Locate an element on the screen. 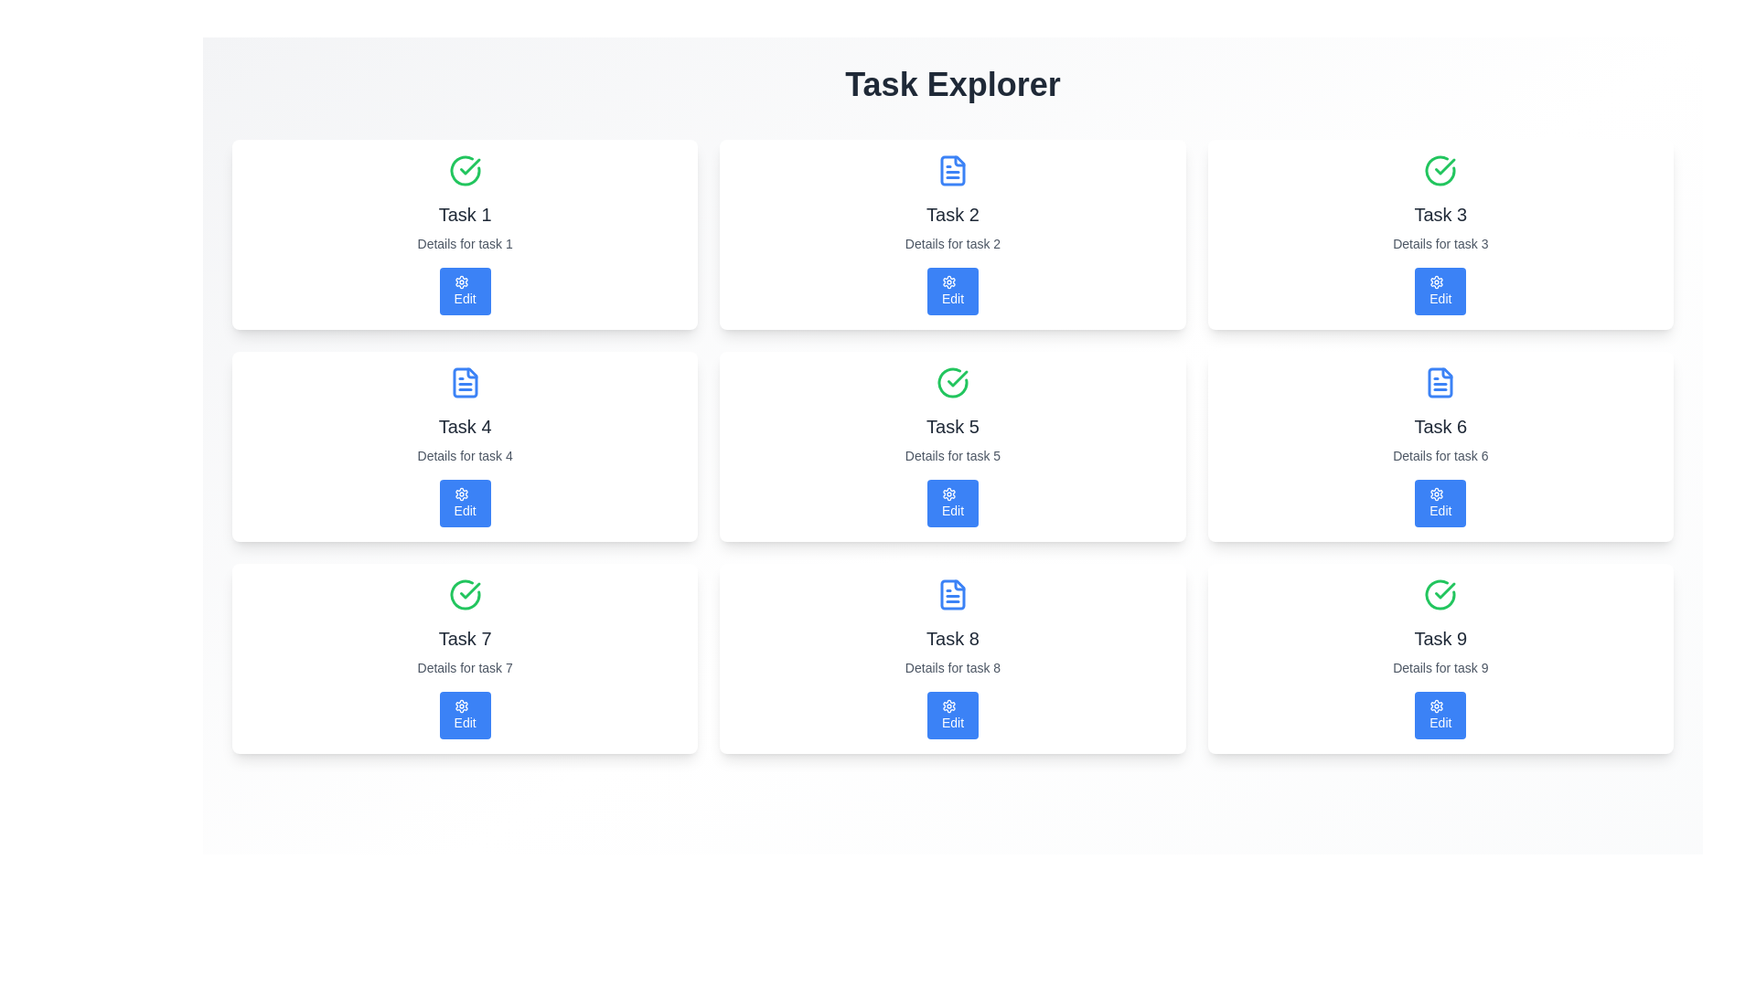 The width and height of the screenshot is (1756, 987). the settings icon located in the 'Edit' button of 'Task 9' is located at coordinates (1436, 705).